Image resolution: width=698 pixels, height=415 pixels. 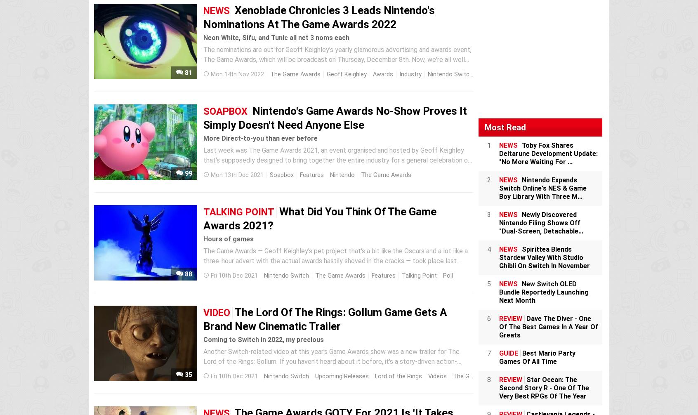 What do you see at coordinates (325, 318) in the screenshot?
I see `'The Lord Of The Rings: Gollum Game Gets A Brand New Cinematic Trailer'` at bounding box center [325, 318].